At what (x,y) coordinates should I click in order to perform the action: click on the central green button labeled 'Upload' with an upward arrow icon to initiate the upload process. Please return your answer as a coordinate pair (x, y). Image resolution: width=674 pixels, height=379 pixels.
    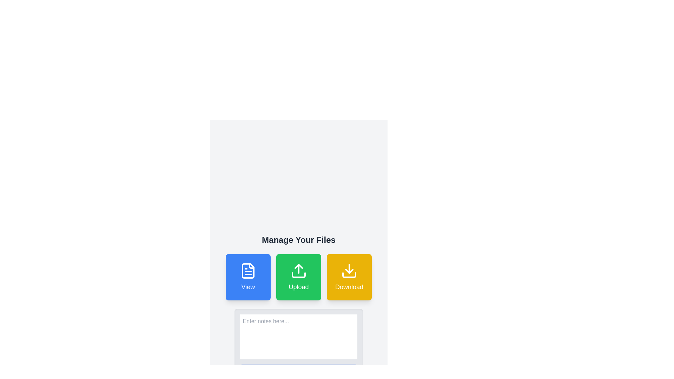
    Looking at the image, I should click on (298, 277).